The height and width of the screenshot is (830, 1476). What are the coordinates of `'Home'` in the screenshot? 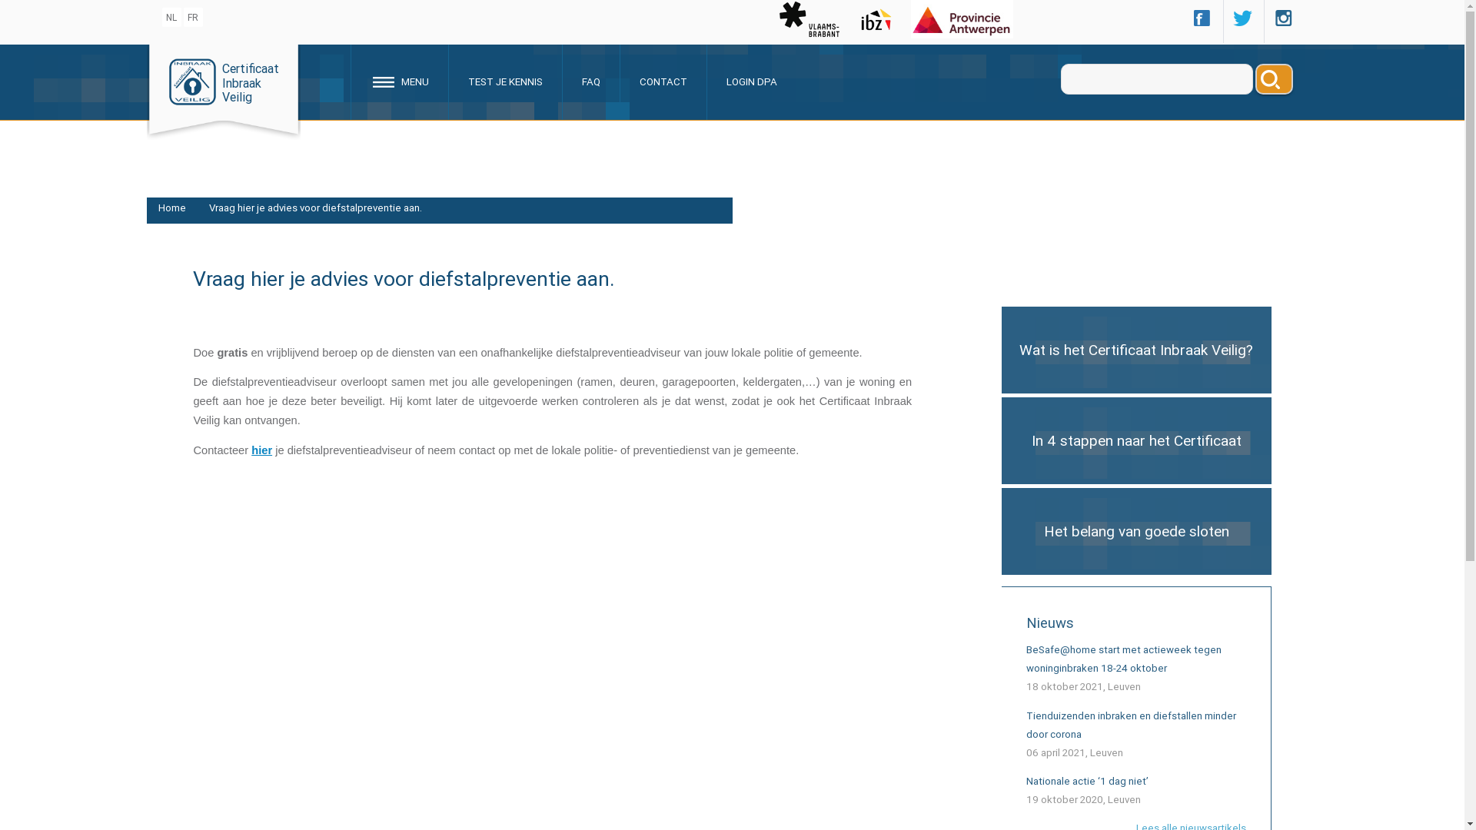 It's located at (158, 207).